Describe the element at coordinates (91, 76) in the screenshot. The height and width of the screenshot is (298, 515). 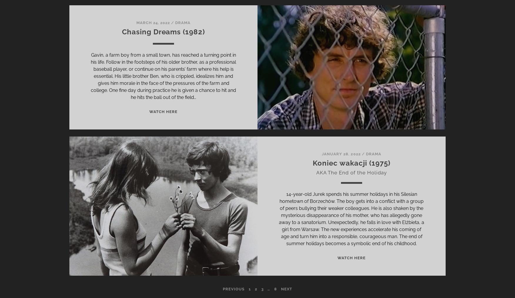
I see `'Gavin, a farm boy from a small town, has reached a turning point in his life. Follow in the footsteps of his older brother, as a professional baseball player, or continue on his parents’ farm where his help is essential. His little brother Ben, who is crippled, idealizes him and gives him morale in the face of the pressures of the farm and college. One fine day during practice he is given a chance to hit and he hits the ball out of the field…'` at that location.